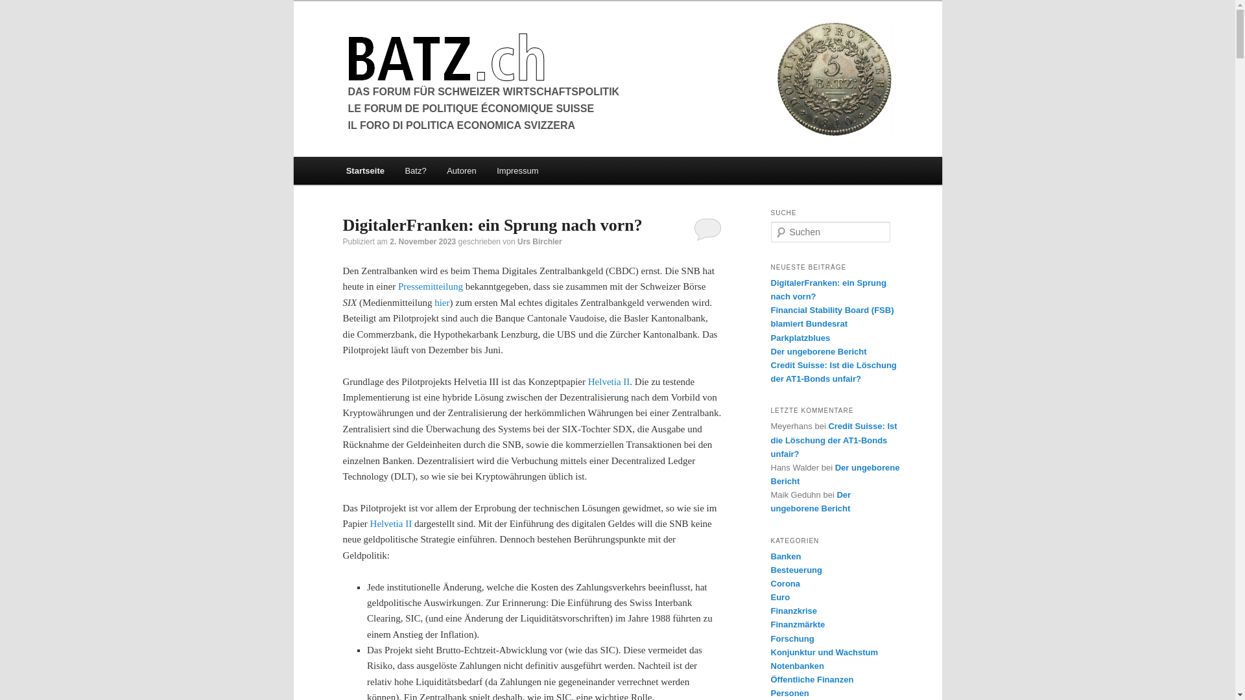 This screenshot has width=1245, height=700. I want to click on 'Corona', so click(784, 583).